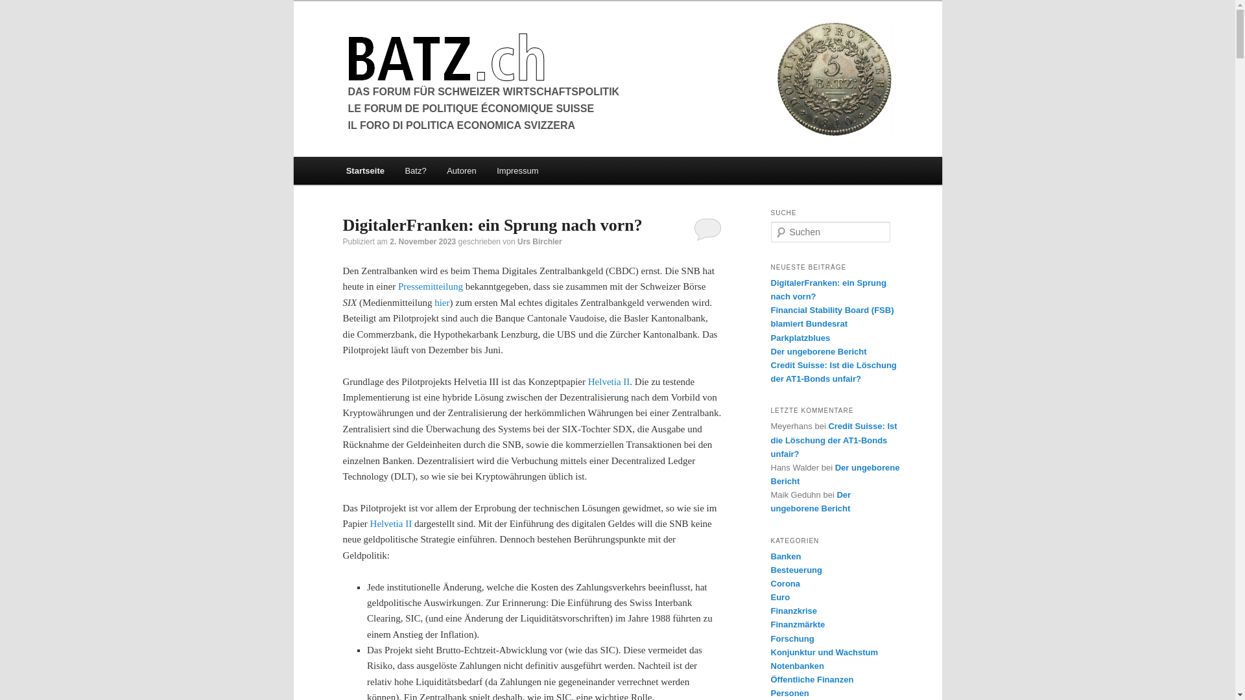 This screenshot has width=1245, height=700. I want to click on 'Corona', so click(784, 583).